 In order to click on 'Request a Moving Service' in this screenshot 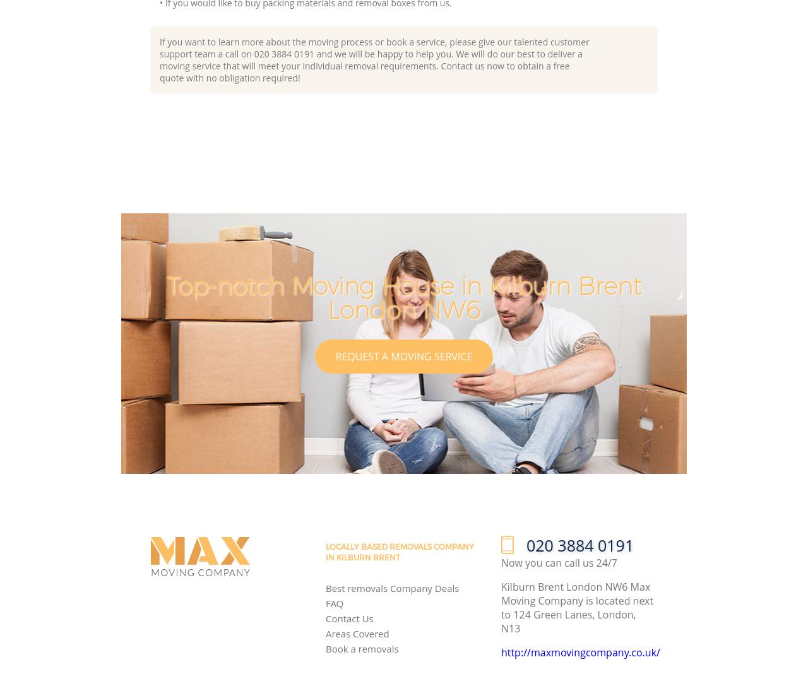, I will do `click(403, 355)`.